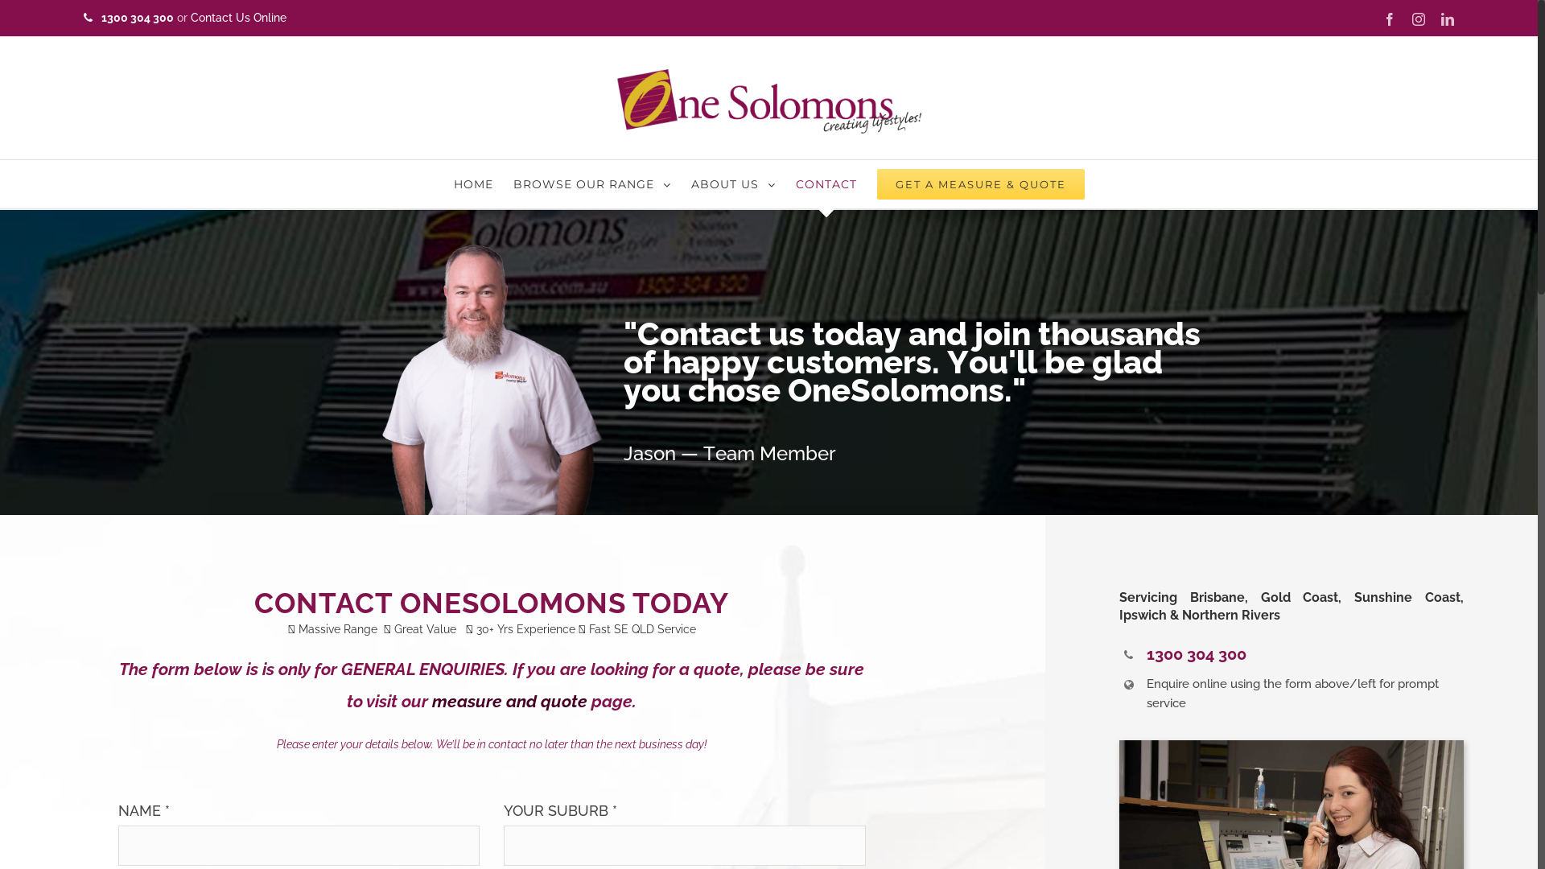  Describe the element at coordinates (1411, 19) in the screenshot. I see `'Instagram'` at that location.